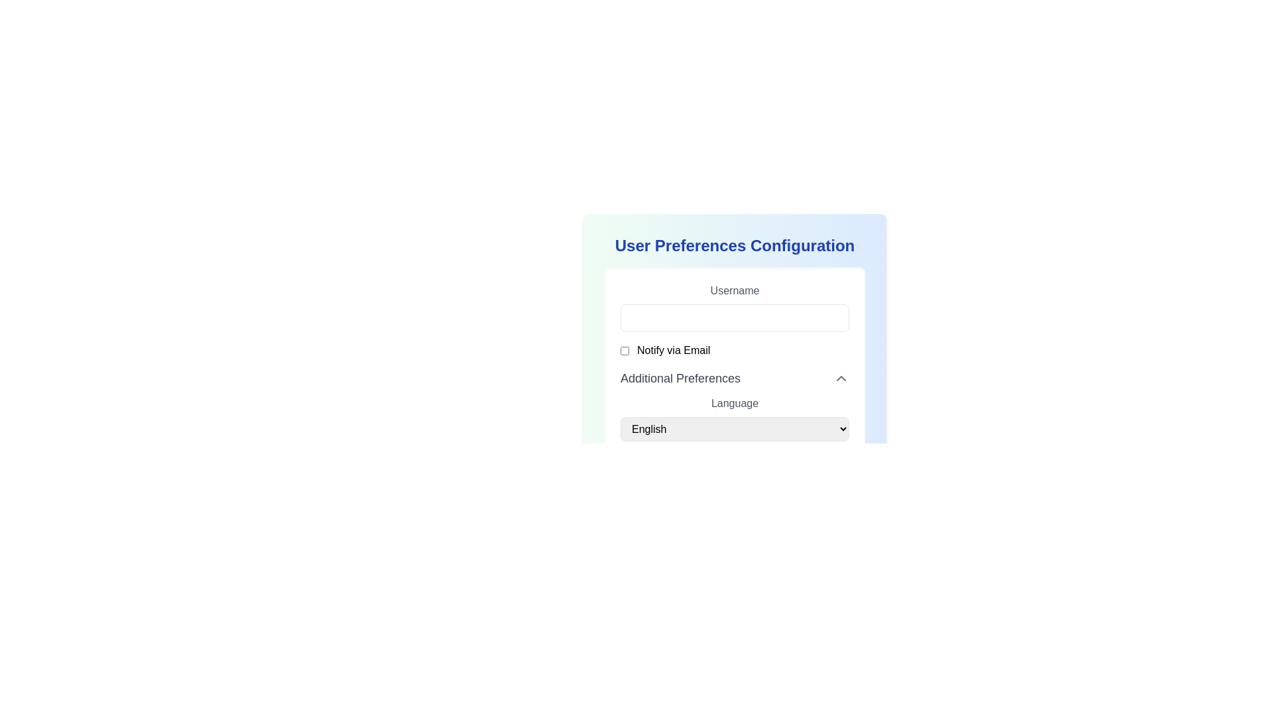 Image resolution: width=1273 pixels, height=716 pixels. Describe the element at coordinates (734, 378) in the screenshot. I see `the 'Additional Preferences' expandable section header` at that location.